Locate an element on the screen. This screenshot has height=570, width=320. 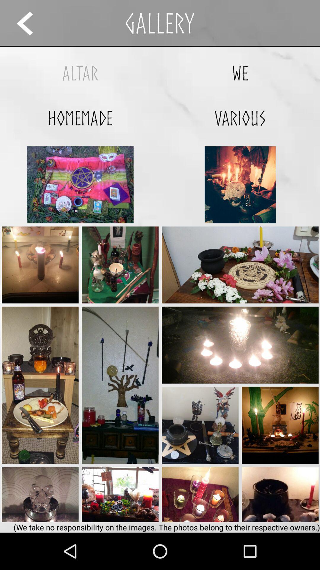
the icon to the left of the gallery item is located at coordinates (30, 23).